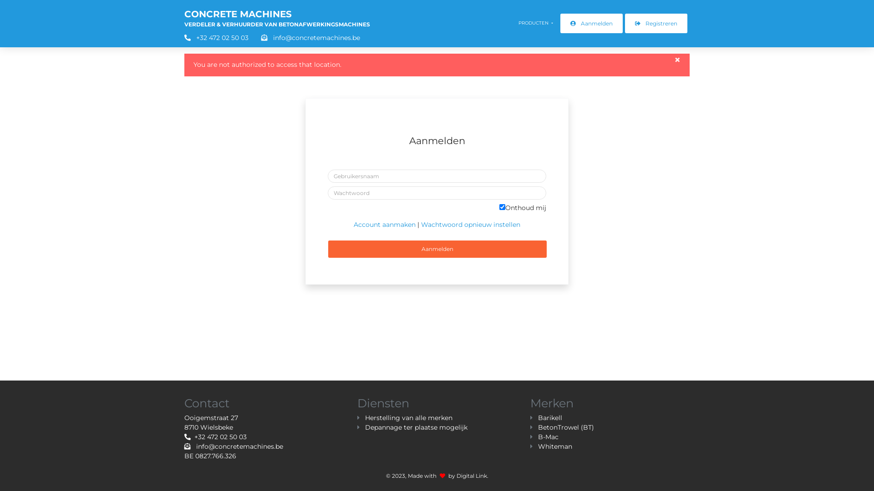 The image size is (874, 491). I want to click on '+32 472 02 50 03', so click(183, 37).